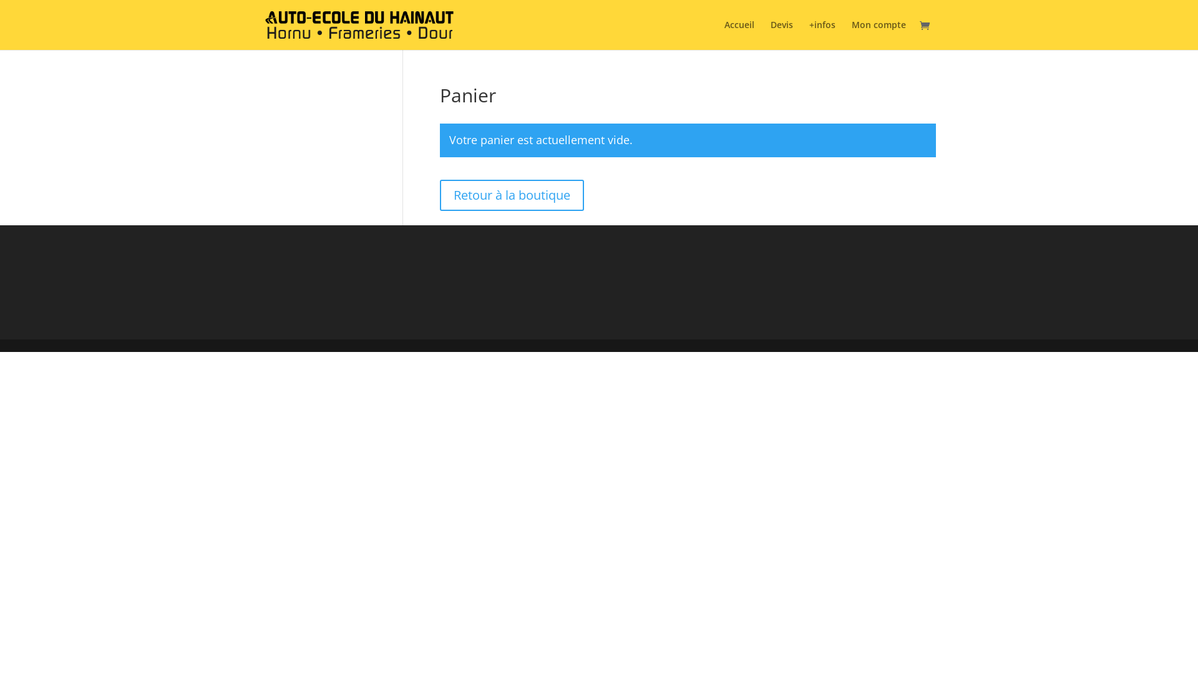 The height and width of the screenshot is (674, 1198). I want to click on 'Accueil', so click(724, 34).